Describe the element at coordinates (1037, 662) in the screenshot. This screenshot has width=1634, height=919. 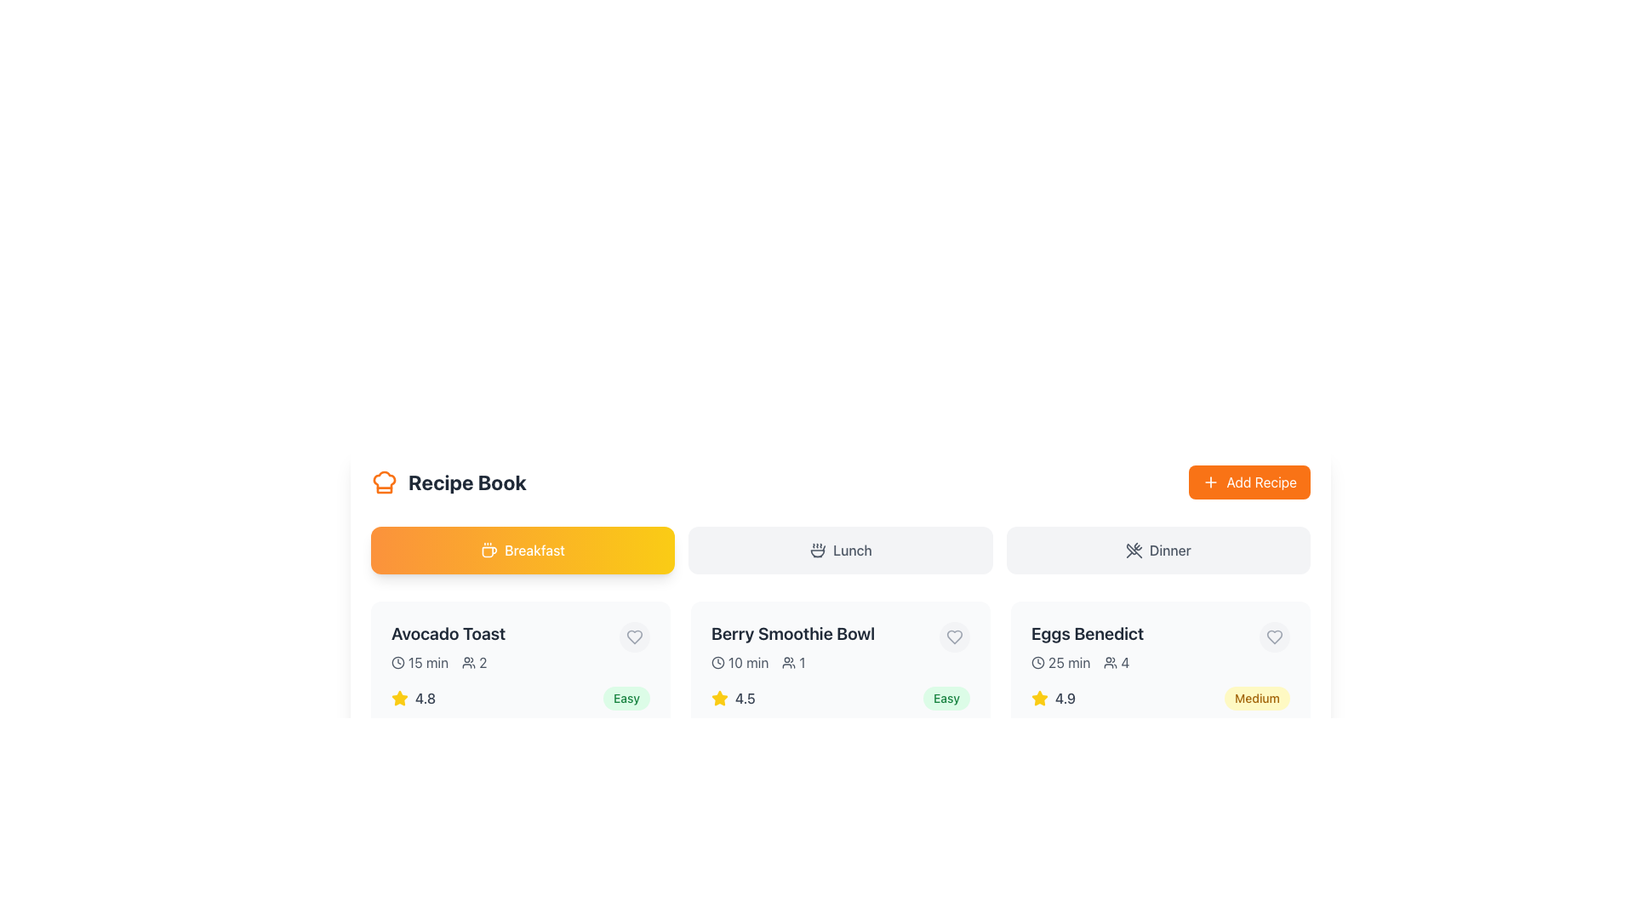
I see `the clock icon, which is a circular icon with two hands representing time, located to the left of the text '25 min' in the 'Eggs Benedict' section of the 'Dinner' tab` at that location.